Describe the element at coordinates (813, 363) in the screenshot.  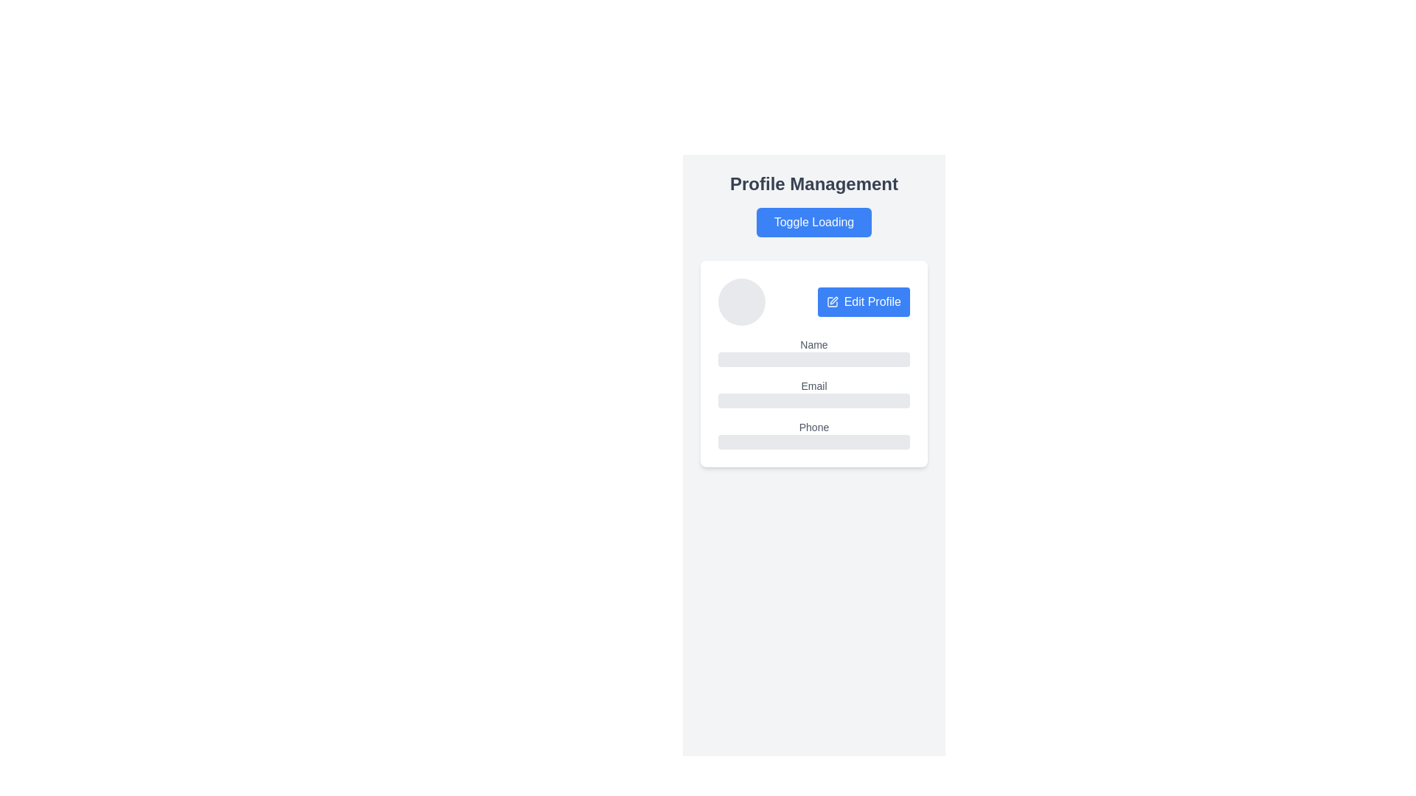
I see `the information fields in the profile details card located centrally below the 'Profile Management' heading and 'Toggle Loading' button` at that location.